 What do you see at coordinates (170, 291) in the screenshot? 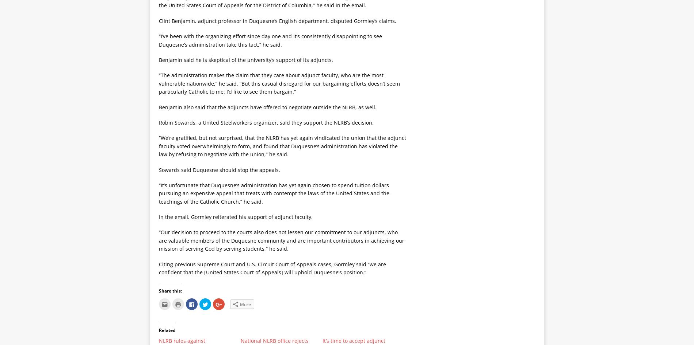
I see `'Share this:'` at bounding box center [170, 291].